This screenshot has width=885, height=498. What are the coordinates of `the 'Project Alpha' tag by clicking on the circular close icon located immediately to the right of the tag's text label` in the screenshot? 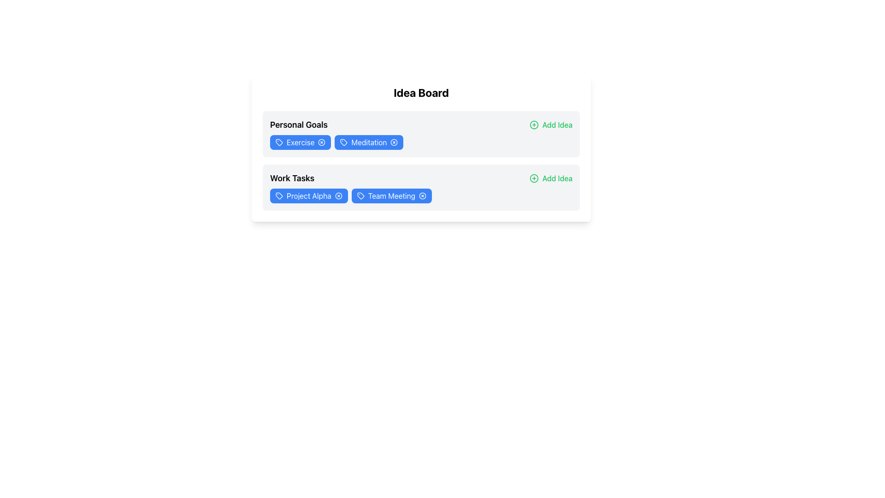 It's located at (338, 195).